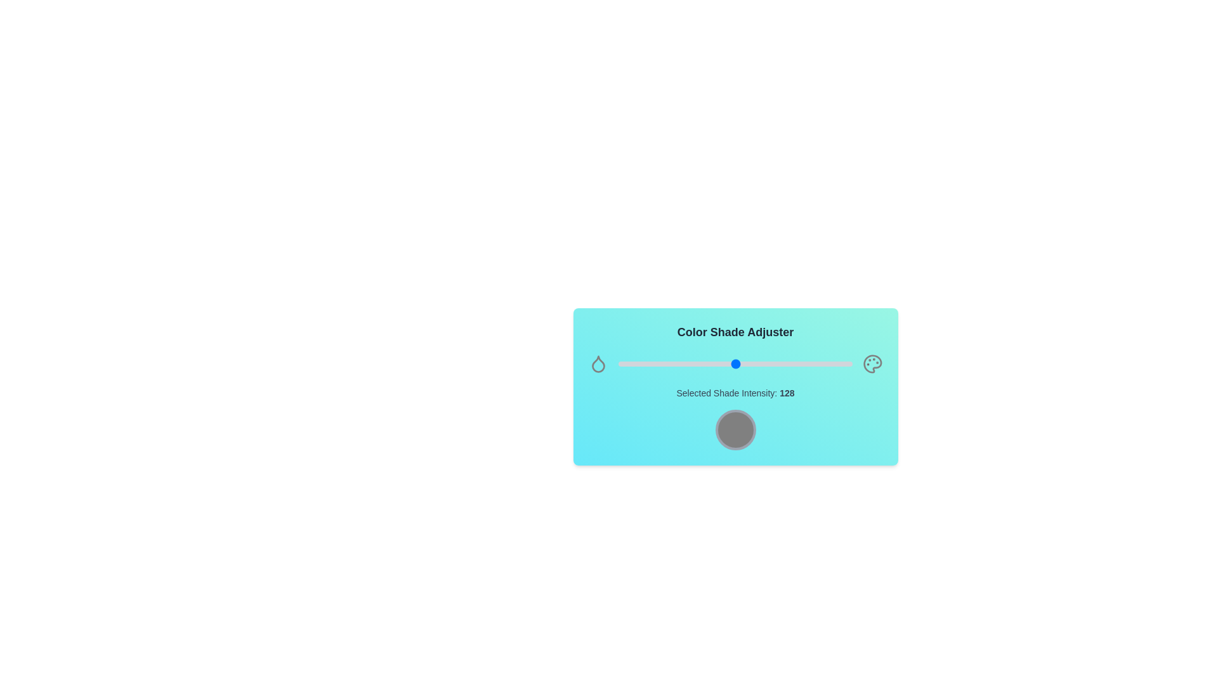 This screenshot has height=685, width=1218. Describe the element at coordinates (681, 364) in the screenshot. I see `the shade intensity to 69 by interacting with the slider` at that location.